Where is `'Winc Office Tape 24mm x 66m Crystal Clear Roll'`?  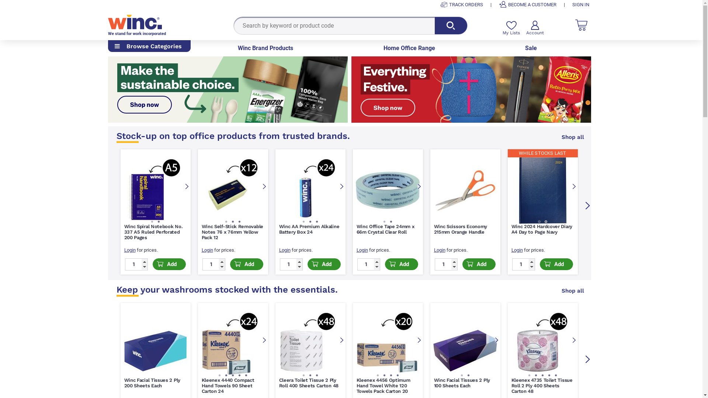 'Winc Office Tape 24mm x 66m Crystal Clear Roll' is located at coordinates (385, 228).